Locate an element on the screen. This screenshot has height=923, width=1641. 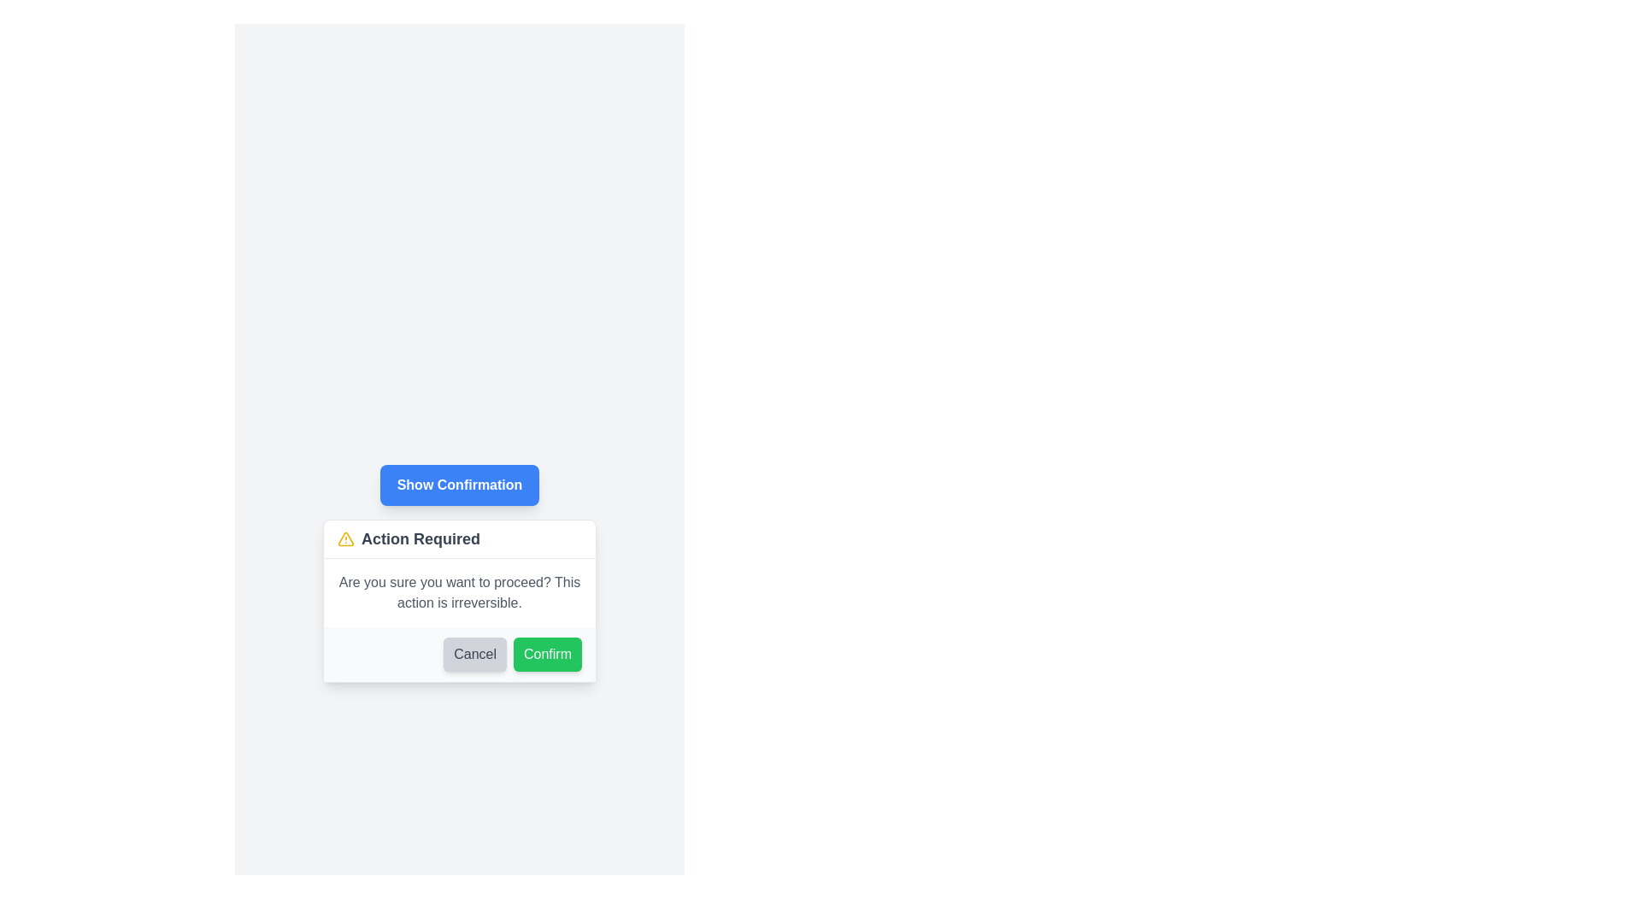
the 'Confirm' button located at the bottom-right corner of the modal dialog box to change its shade is located at coordinates (547, 654).